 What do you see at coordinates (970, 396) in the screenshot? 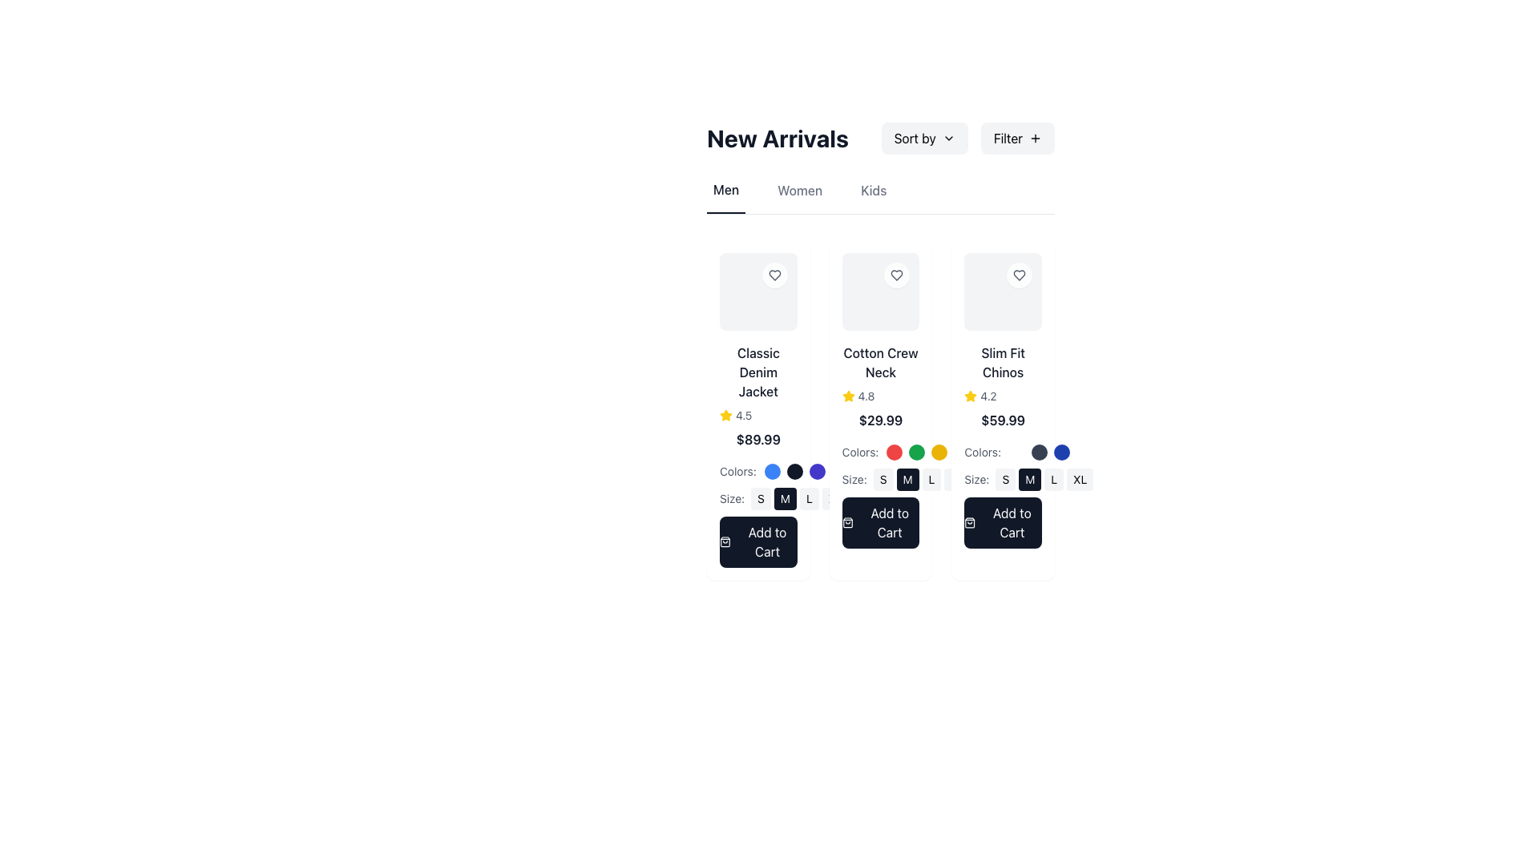
I see `the star icon with a yellow fill that is next to the text '4.2', which indicates a rating-related context` at bounding box center [970, 396].